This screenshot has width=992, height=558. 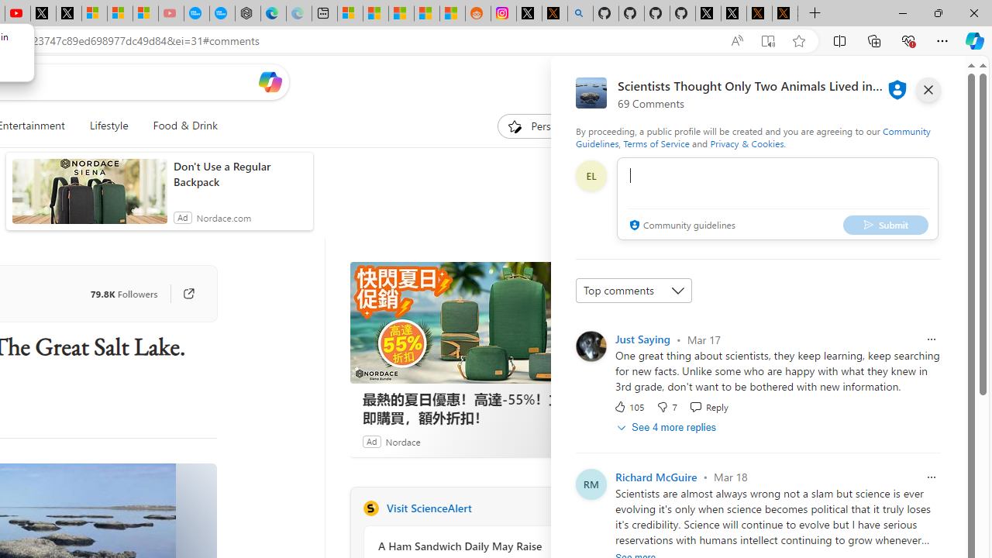 What do you see at coordinates (108, 126) in the screenshot?
I see `'Lifestyle'` at bounding box center [108, 126].